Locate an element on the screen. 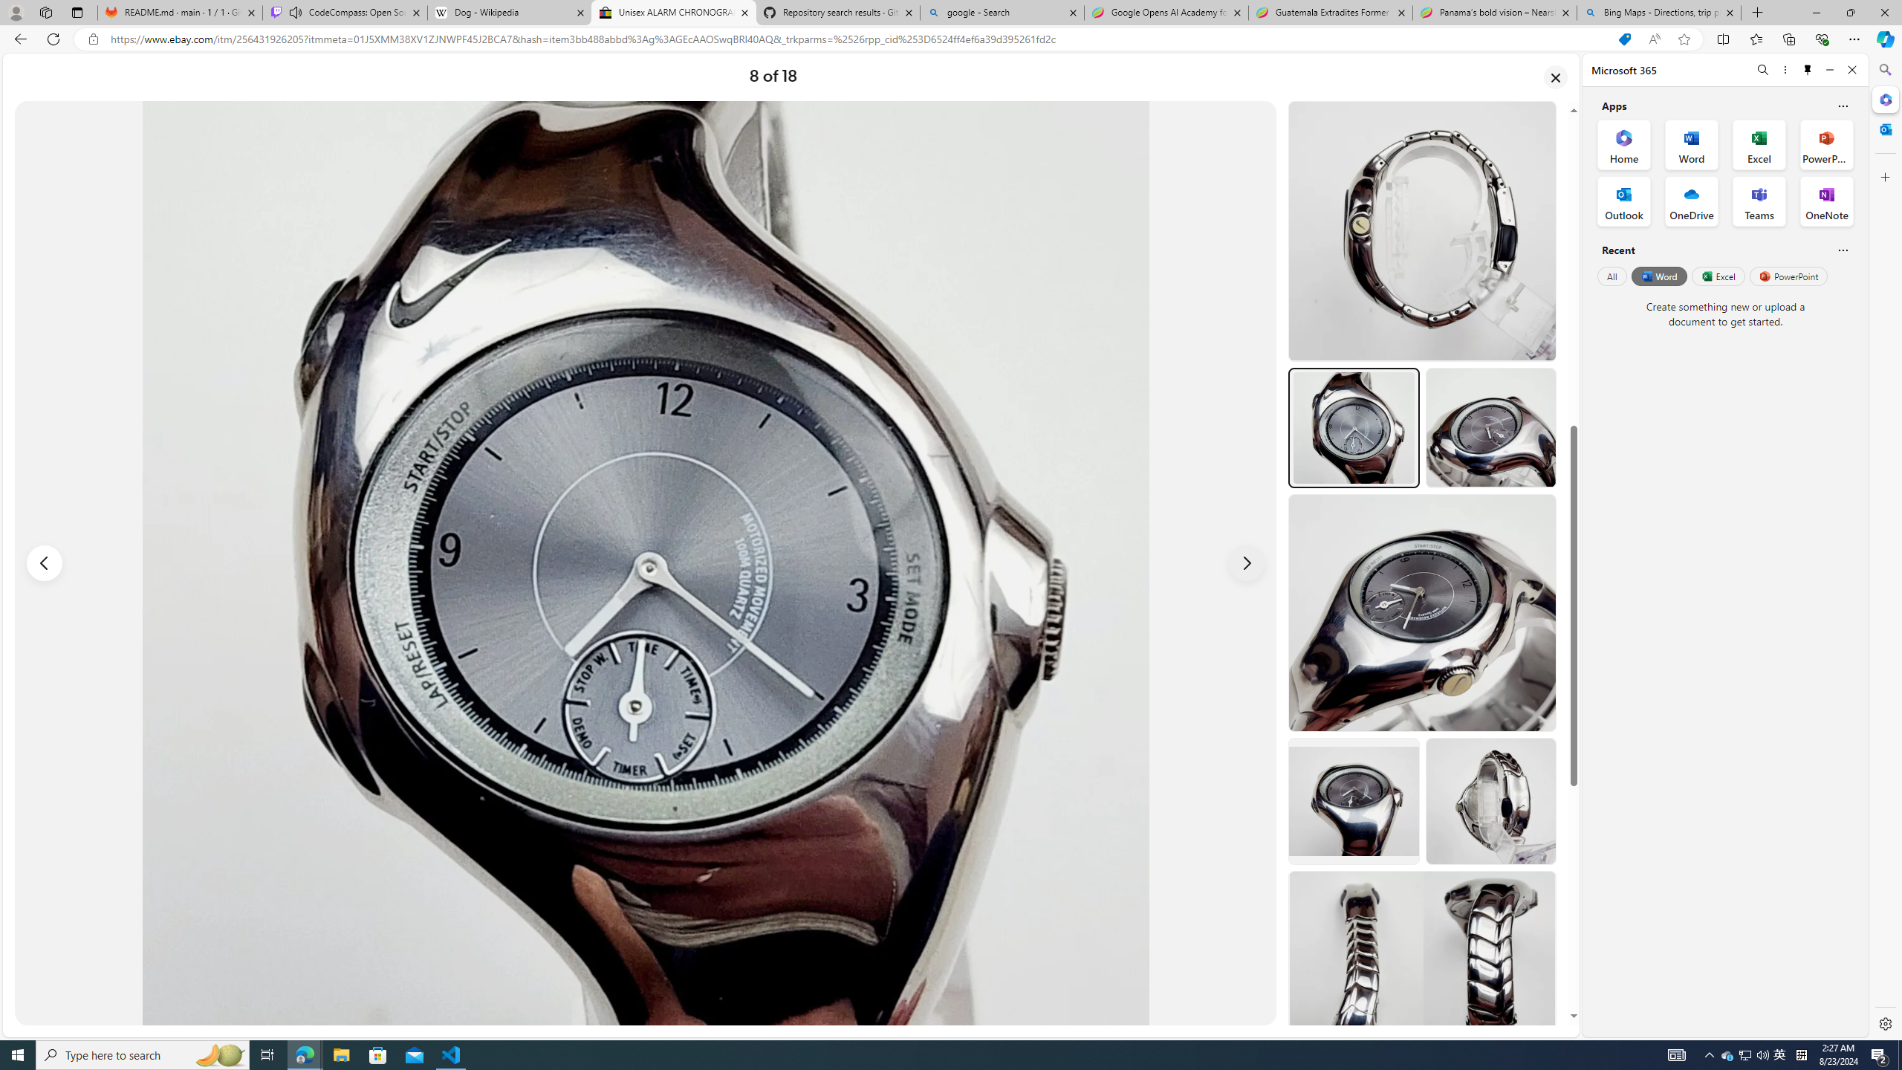 The height and width of the screenshot is (1070, 1902). 'Close image gallery dialog' is located at coordinates (1556, 77).